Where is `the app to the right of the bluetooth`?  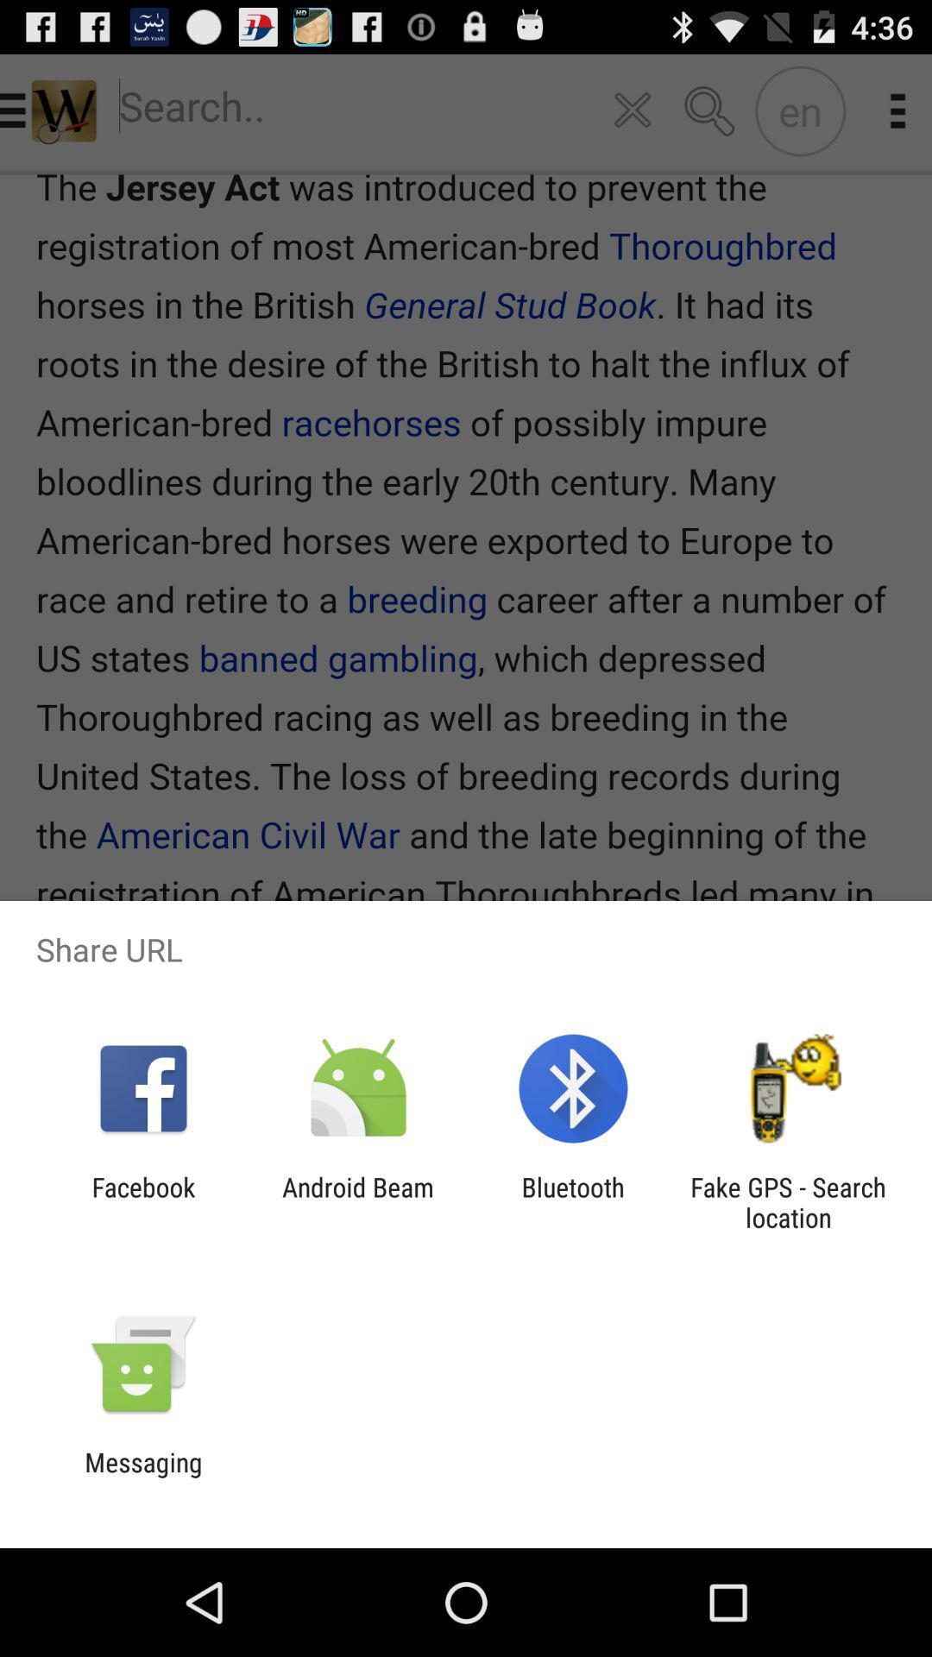 the app to the right of the bluetooth is located at coordinates (788, 1201).